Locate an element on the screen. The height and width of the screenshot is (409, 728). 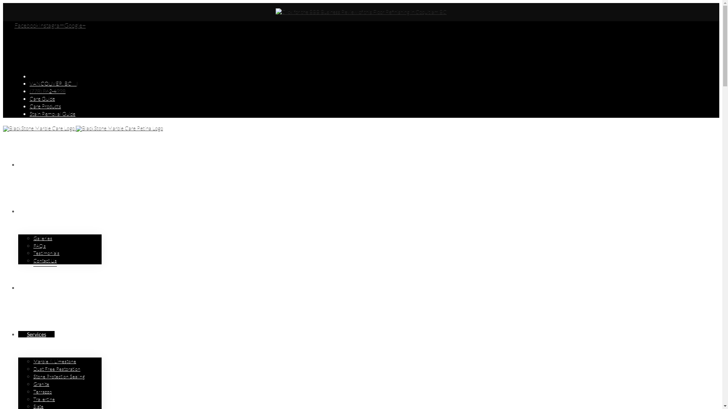
'Granite' is located at coordinates (41, 384).